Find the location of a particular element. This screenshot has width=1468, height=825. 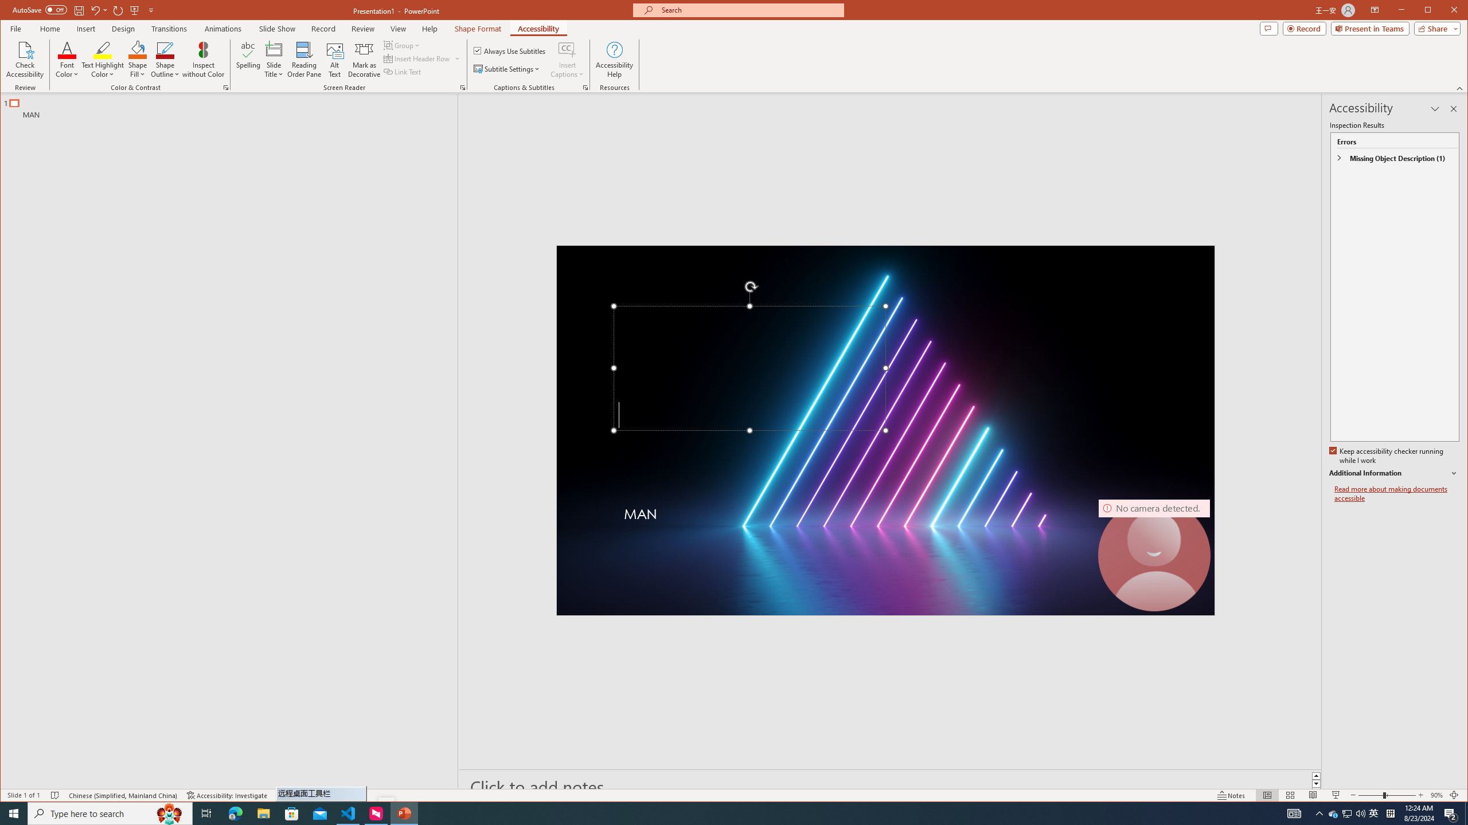

'Shape Format' is located at coordinates (477, 28).